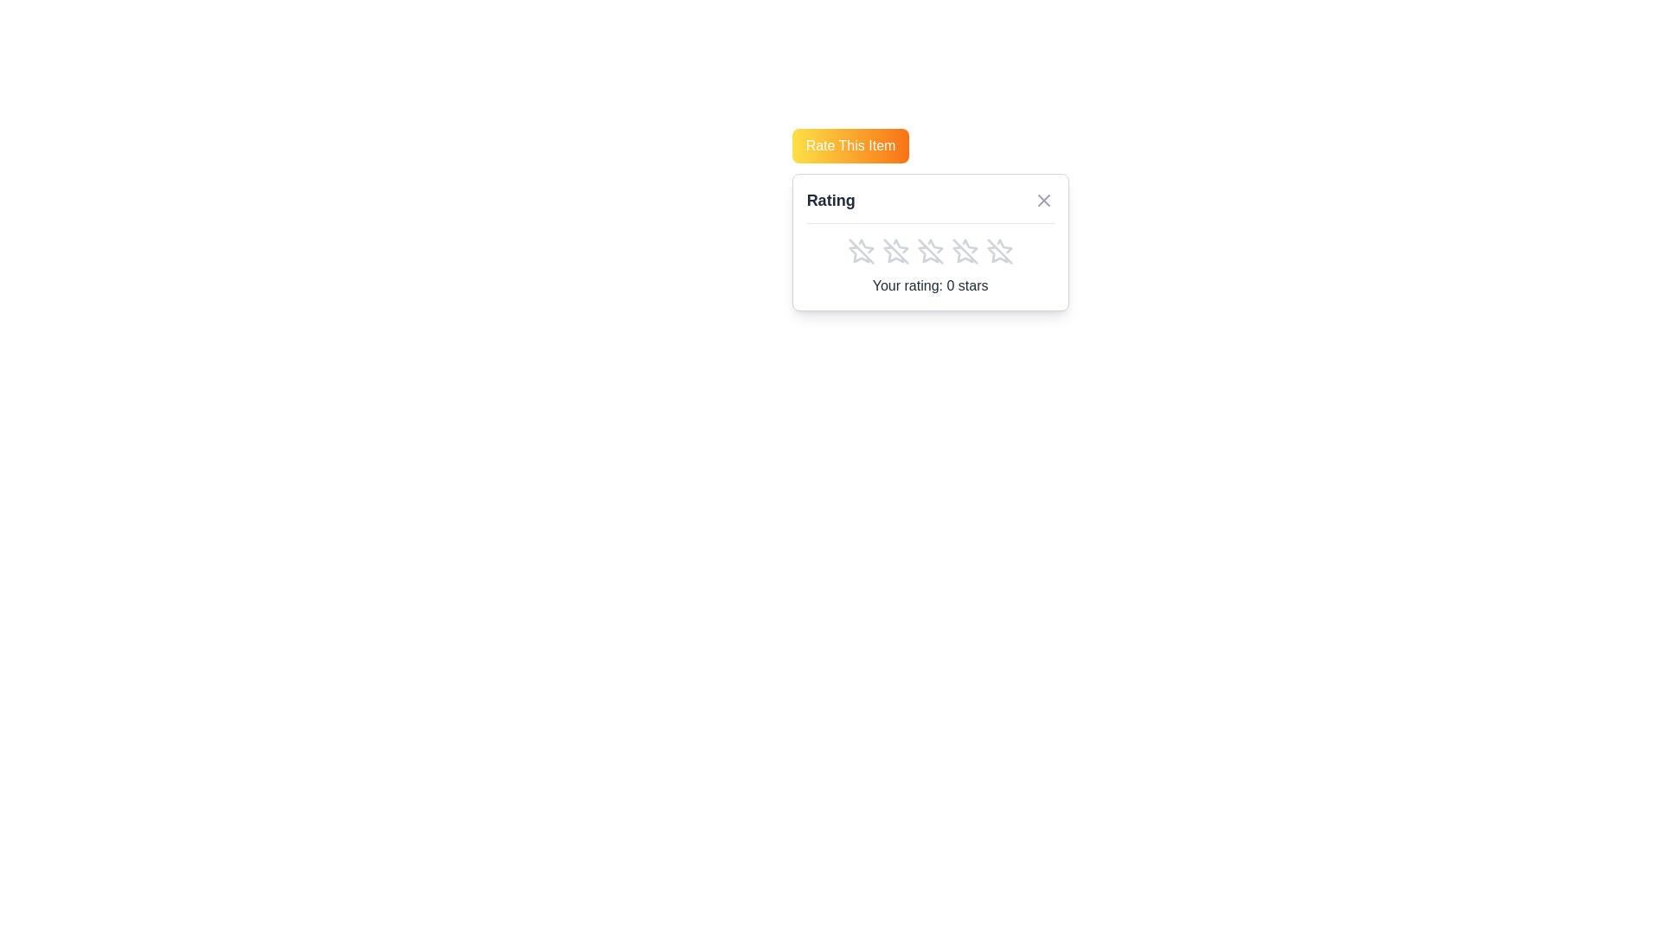  What do you see at coordinates (999, 251) in the screenshot?
I see `the fifth star in the rating system to assign the maximum rating` at bounding box center [999, 251].